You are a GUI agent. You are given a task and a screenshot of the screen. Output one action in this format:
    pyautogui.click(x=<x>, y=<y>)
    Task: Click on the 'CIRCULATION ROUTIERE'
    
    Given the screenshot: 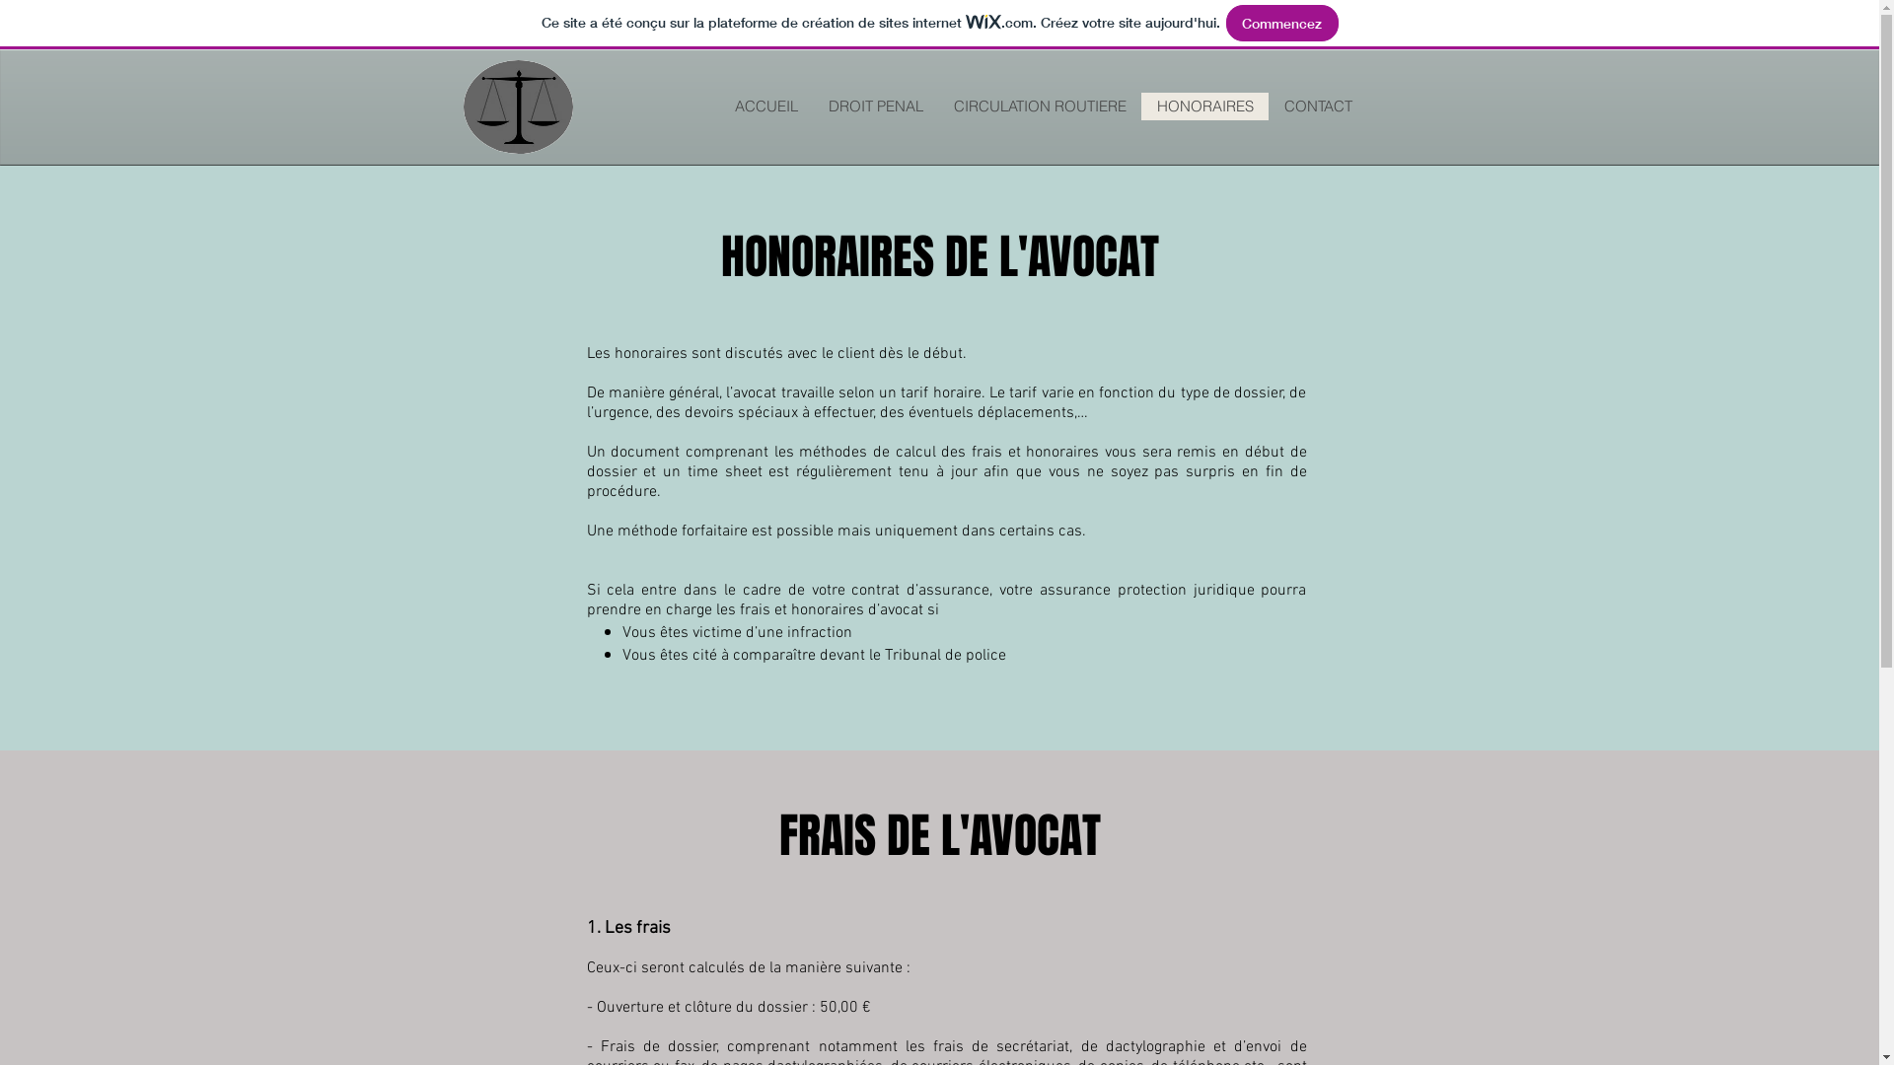 What is the action you would take?
    pyautogui.click(x=936, y=106)
    